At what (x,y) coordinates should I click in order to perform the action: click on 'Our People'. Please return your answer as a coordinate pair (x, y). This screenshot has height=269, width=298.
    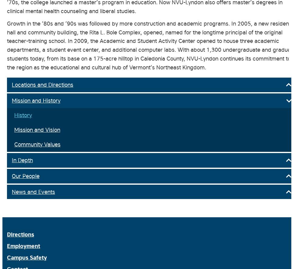
    Looking at the image, I should click on (26, 175).